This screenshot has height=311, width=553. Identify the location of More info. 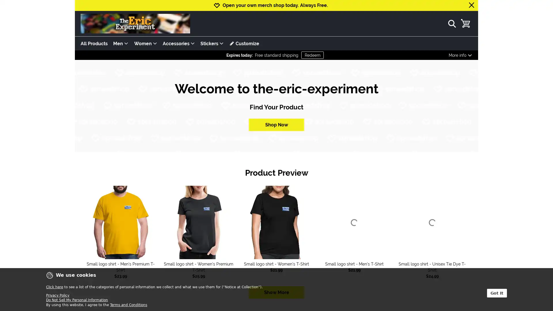
(460, 55).